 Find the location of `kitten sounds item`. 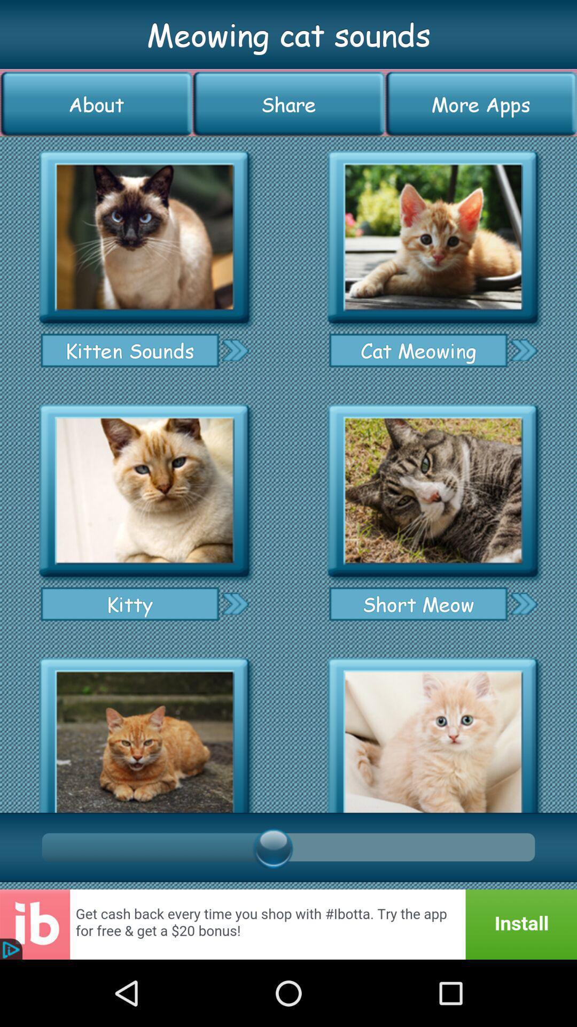

kitten sounds item is located at coordinates (129, 350).